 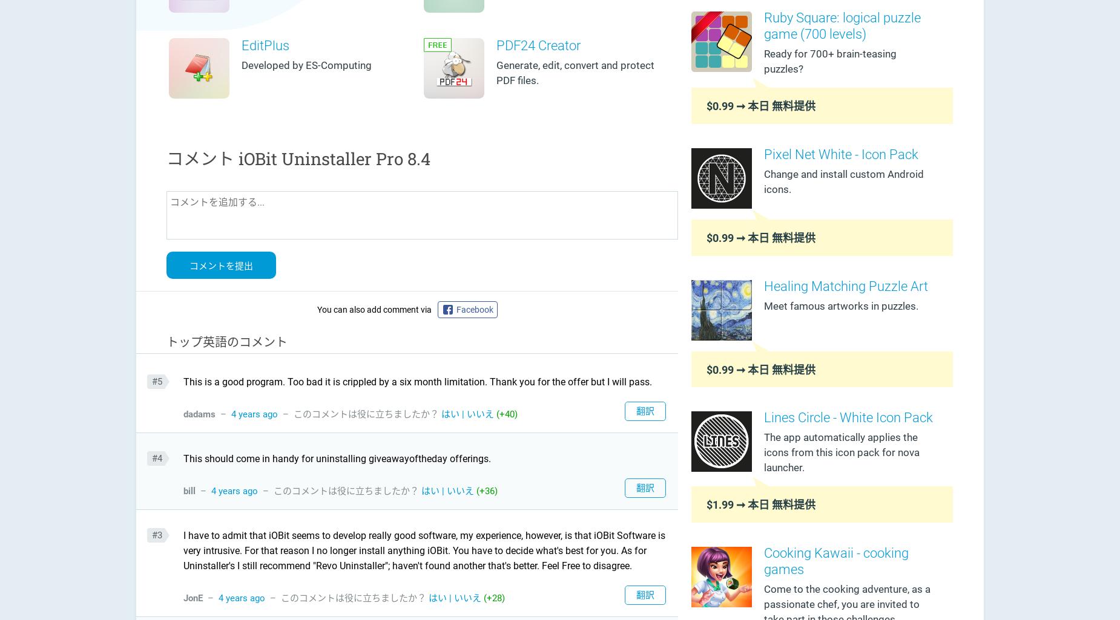 What do you see at coordinates (574, 72) in the screenshot?
I see `'Generate, edit, convert and protect PDF files.'` at bounding box center [574, 72].